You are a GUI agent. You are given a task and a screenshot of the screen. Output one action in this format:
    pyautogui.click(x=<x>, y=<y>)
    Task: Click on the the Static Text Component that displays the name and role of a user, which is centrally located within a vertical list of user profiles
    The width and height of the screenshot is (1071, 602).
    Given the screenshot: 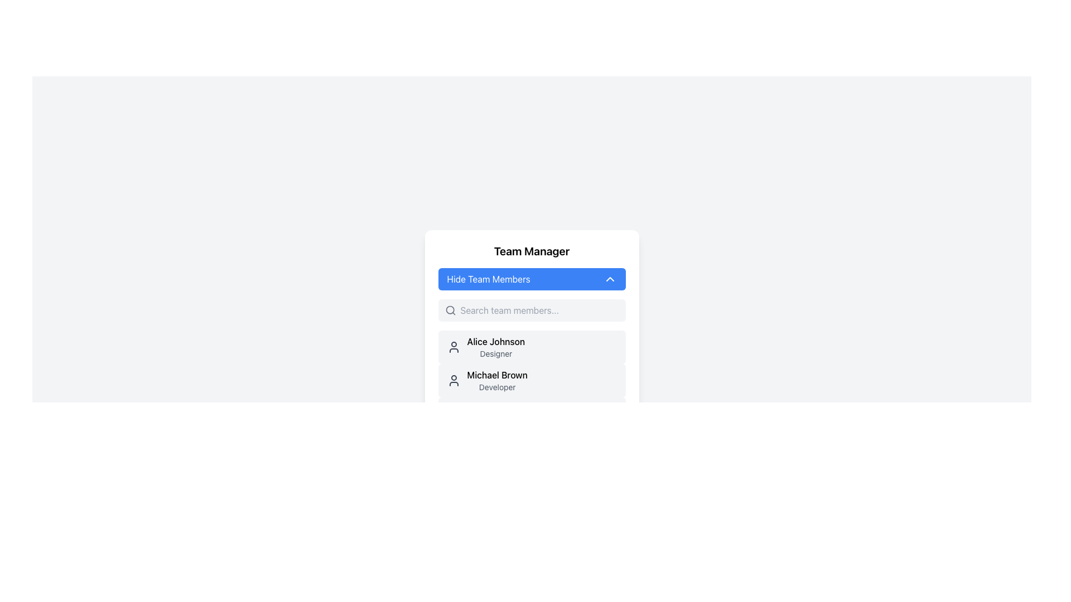 What is the action you would take?
    pyautogui.click(x=495, y=347)
    